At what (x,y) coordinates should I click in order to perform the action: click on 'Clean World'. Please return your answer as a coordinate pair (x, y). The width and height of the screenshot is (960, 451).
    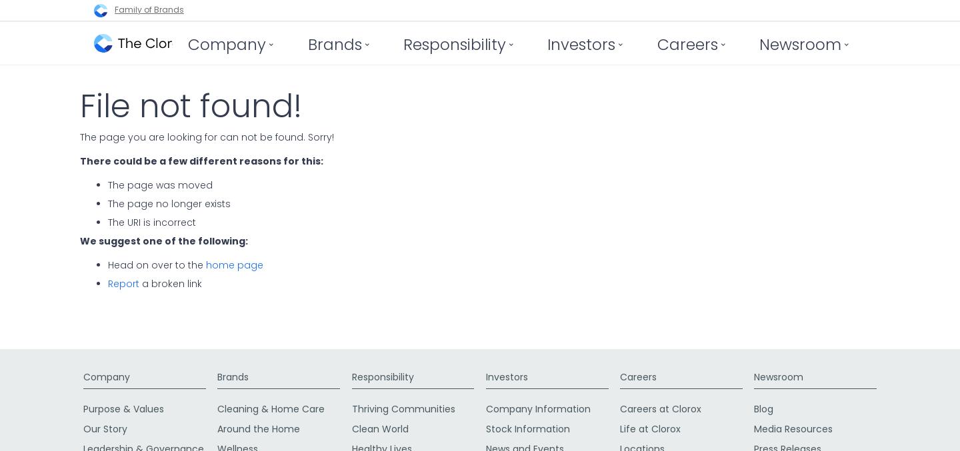
    Looking at the image, I should click on (351, 429).